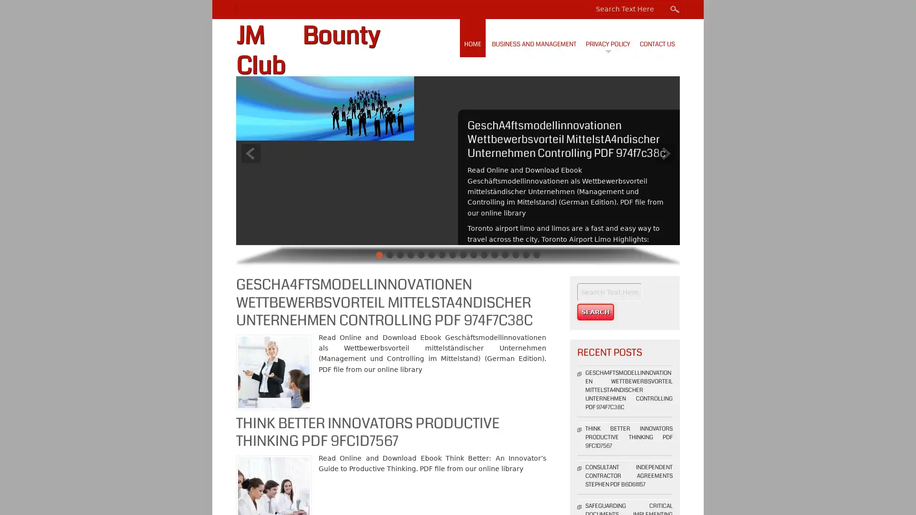 Image resolution: width=916 pixels, height=515 pixels. What do you see at coordinates (595, 312) in the screenshot?
I see `Search` at bounding box center [595, 312].